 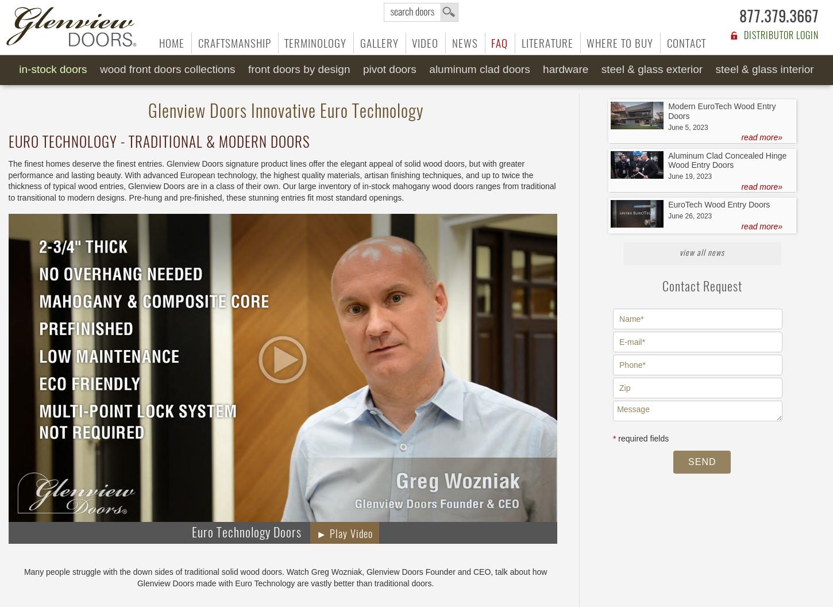 I want to click on 'In-Stock', so click(x=19, y=68).